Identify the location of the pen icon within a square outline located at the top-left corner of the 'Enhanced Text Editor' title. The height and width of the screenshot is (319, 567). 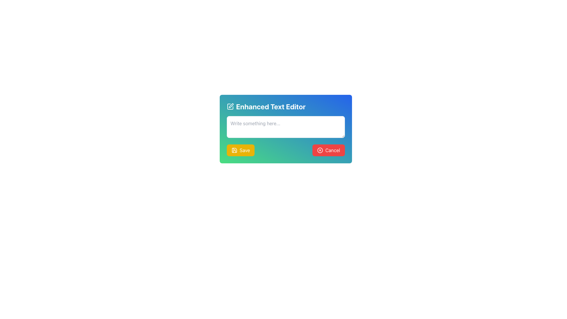
(230, 107).